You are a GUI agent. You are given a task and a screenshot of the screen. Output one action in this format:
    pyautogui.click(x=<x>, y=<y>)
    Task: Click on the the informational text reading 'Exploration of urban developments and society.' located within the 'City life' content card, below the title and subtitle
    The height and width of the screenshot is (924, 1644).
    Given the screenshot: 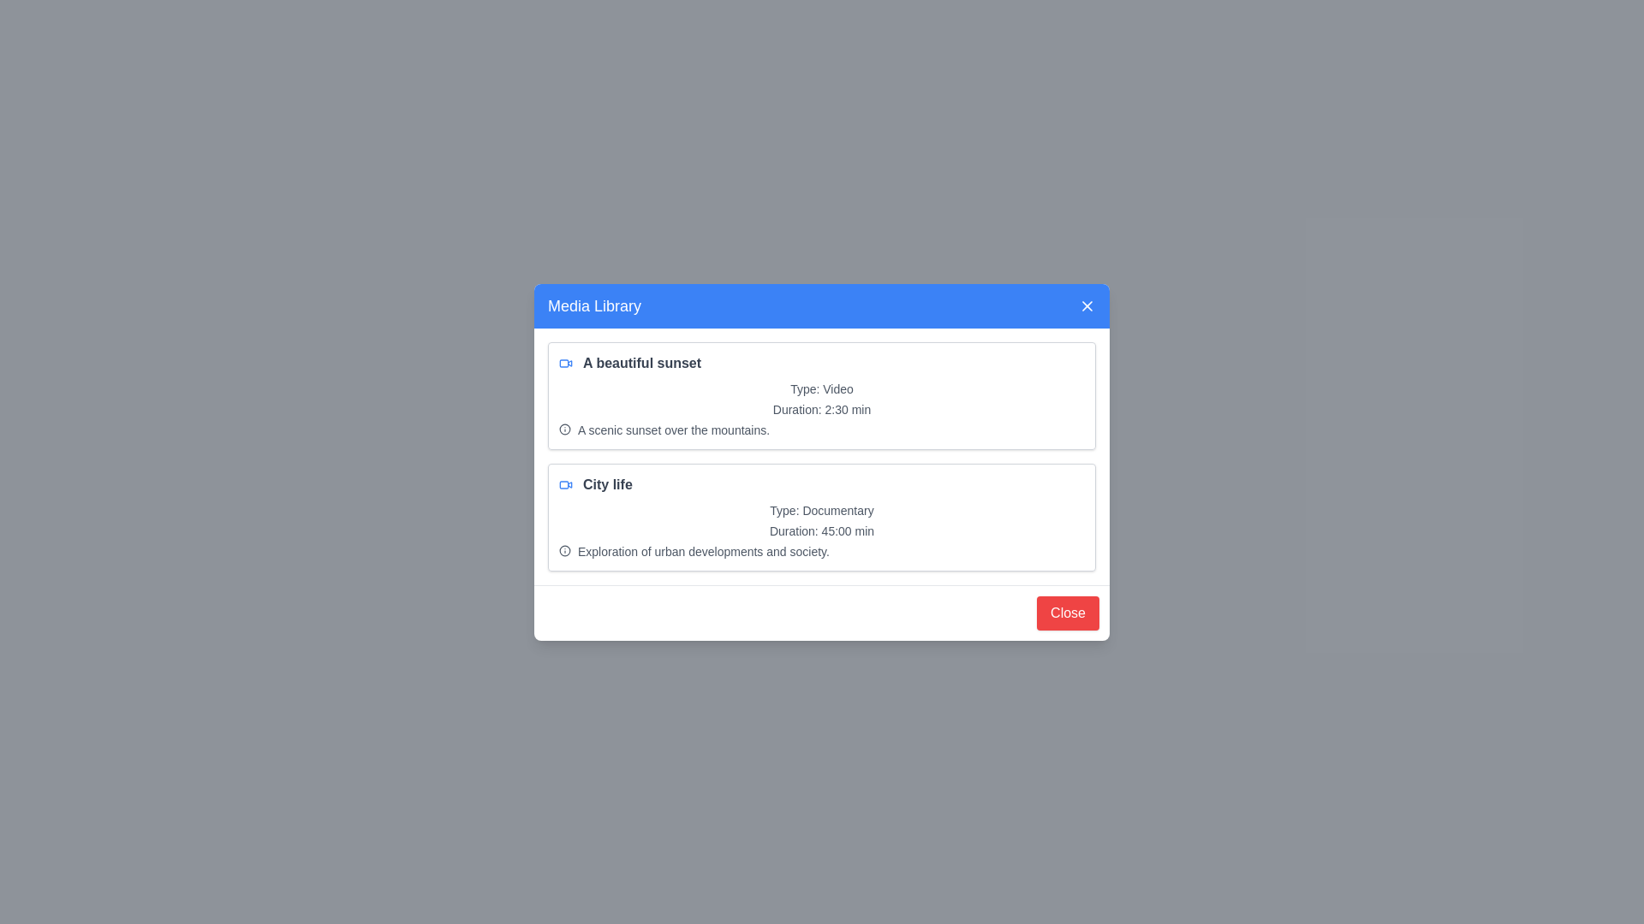 What is the action you would take?
    pyautogui.click(x=703, y=551)
    